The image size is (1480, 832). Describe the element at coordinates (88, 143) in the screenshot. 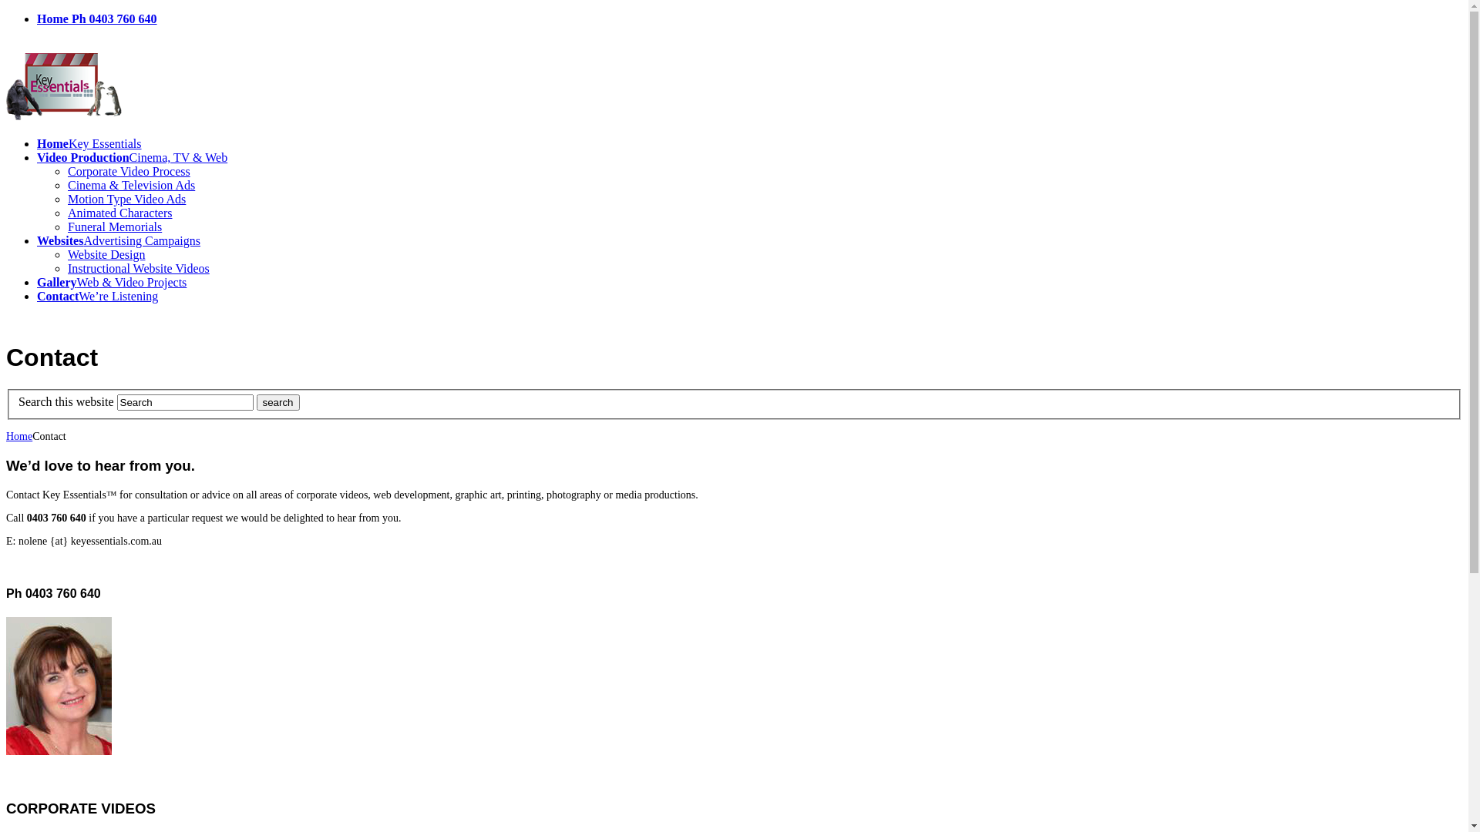

I see `'HomeKey Essentials'` at that location.